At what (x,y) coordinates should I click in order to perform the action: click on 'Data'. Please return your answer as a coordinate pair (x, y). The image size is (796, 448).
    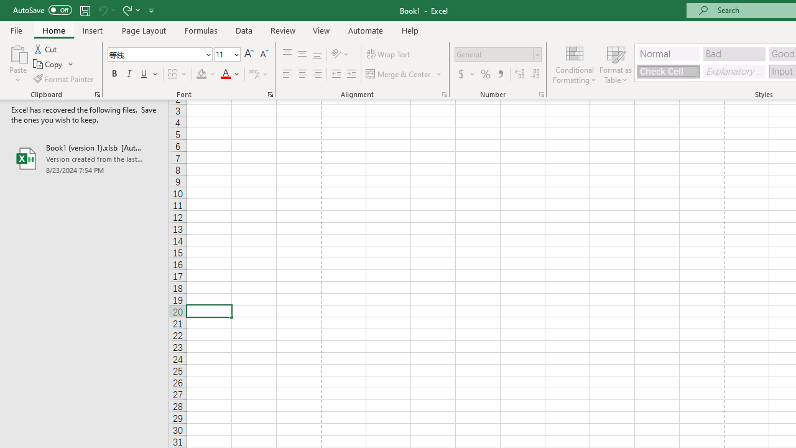
    Looking at the image, I should click on (244, 30).